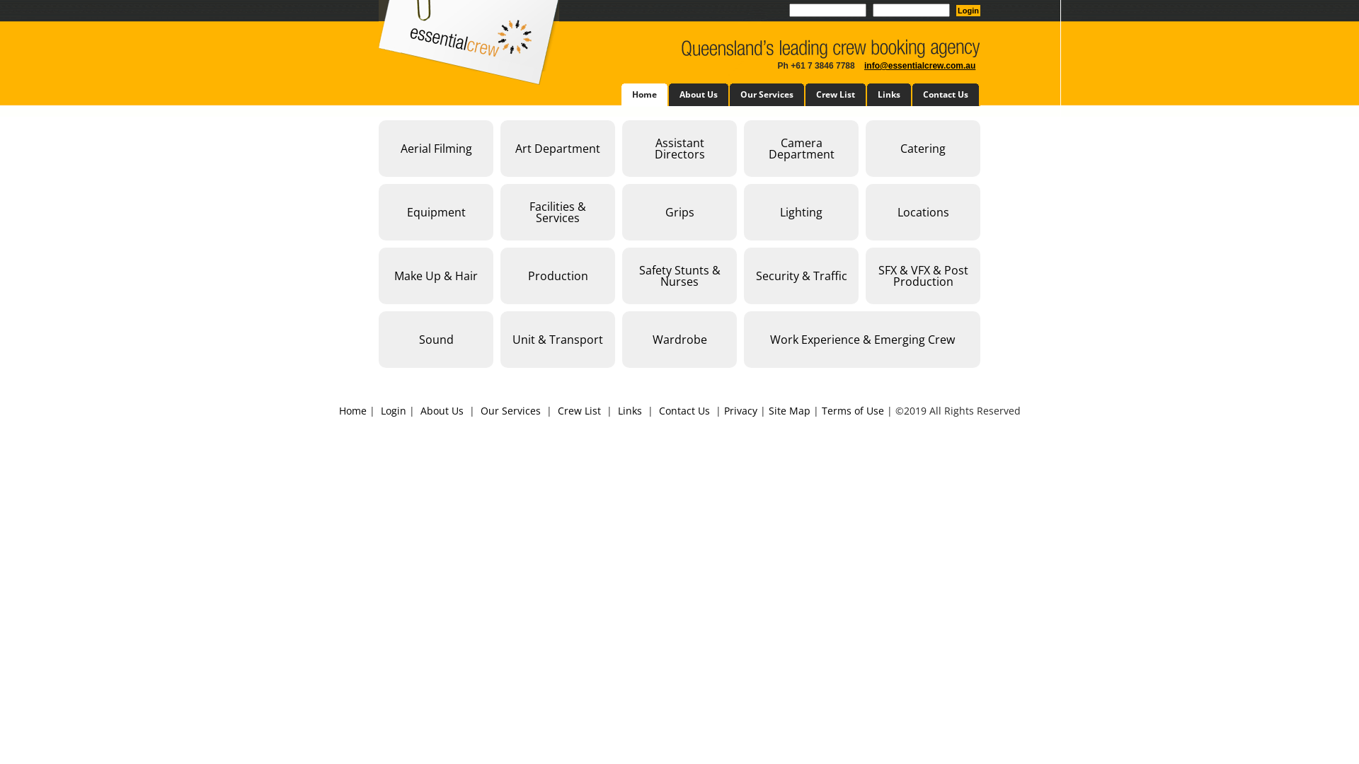  Describe the element at coordinates (801, 148) in the screenshot. I see `'Camera Department'` at that location.